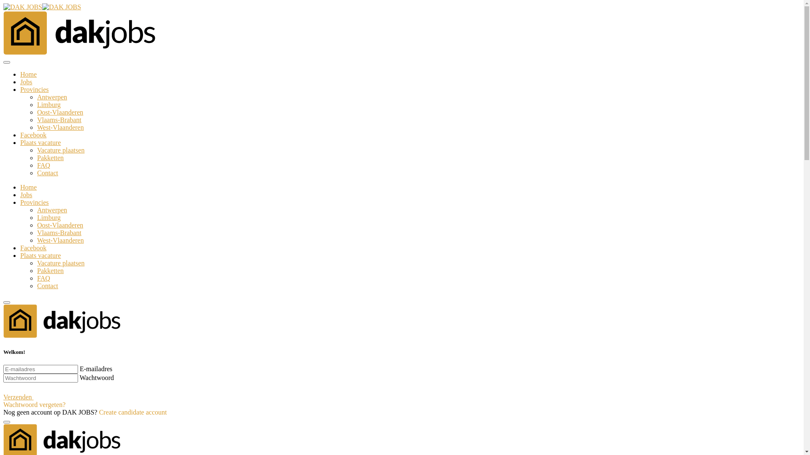 Image resolution: width=810 pixels, height=455 pixels. What do you see at coordinates (26, 82) in the screenshot?
I see `'Jobs'` at bounding box center [26, 82].